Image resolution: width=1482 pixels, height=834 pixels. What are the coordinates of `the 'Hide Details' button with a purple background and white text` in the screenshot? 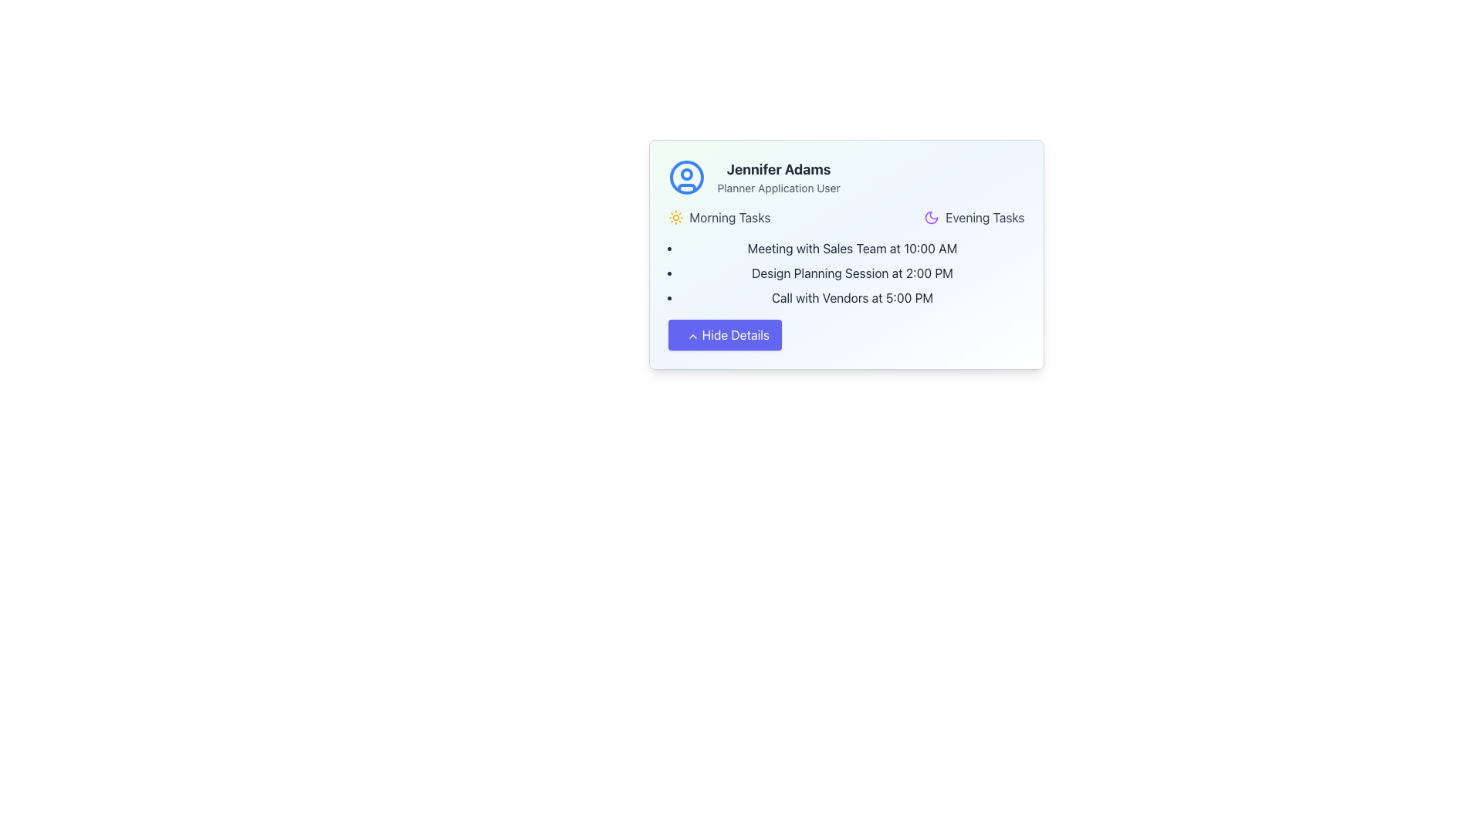 It's located at (724, 334).